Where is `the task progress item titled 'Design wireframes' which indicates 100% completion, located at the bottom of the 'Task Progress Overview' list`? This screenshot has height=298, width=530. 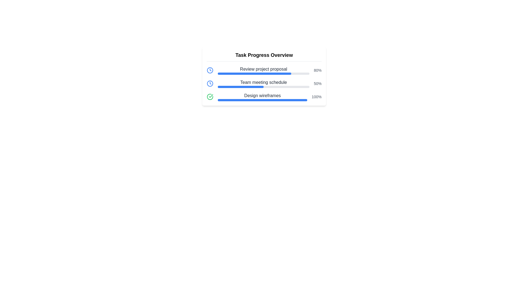 the task progress item titled 'Design wireframes' which indicates 100% completion, located at the bottom of the 'Task Progress Overview' list is located at coordinates (264, 97).